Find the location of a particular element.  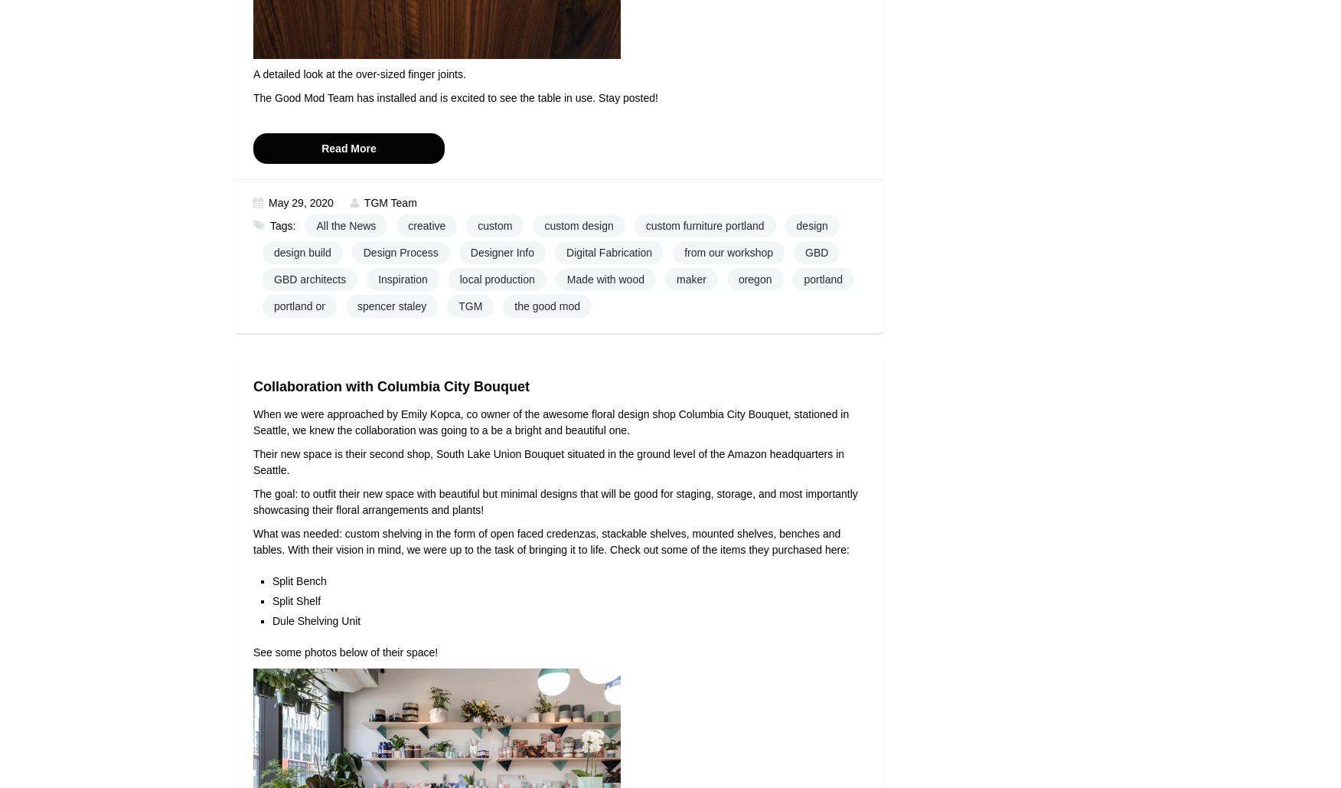

'Digital Fabrication' is located at coordinates (566, 253).